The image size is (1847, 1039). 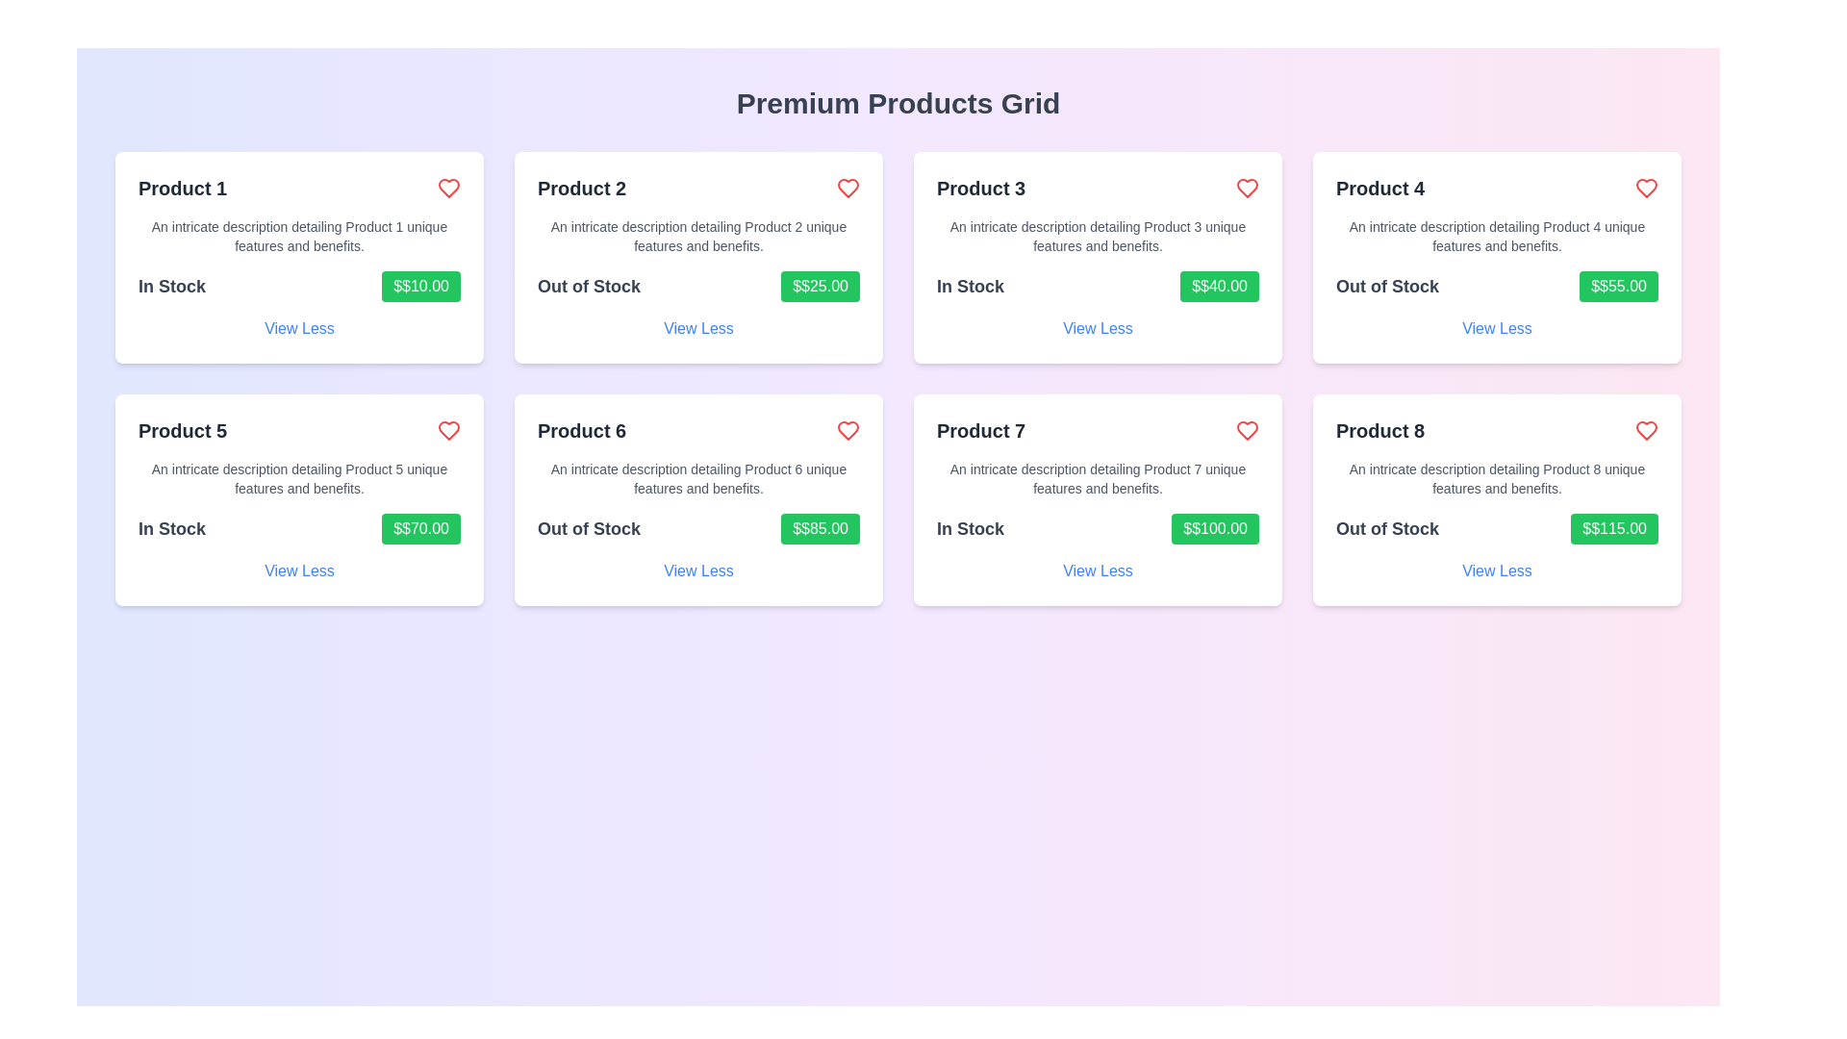 What do you see at coordinates (1646, 429) in the screenshot?
I see `the heart icon located at the top-right corner of the 'Product 8' content card` at bounding box center [1646, 429].